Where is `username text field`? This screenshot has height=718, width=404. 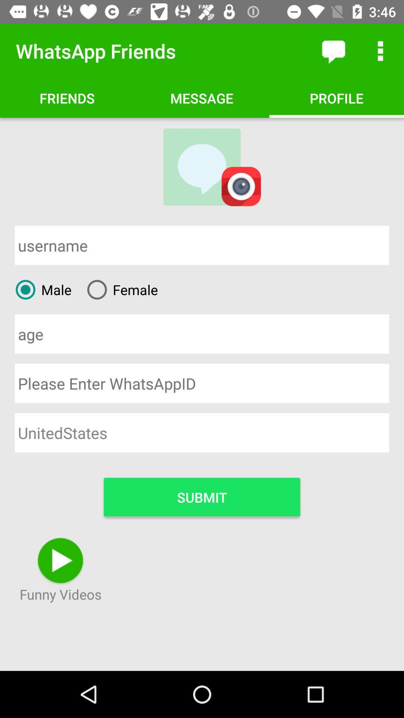 username text field is located at coordinates (202, 245).